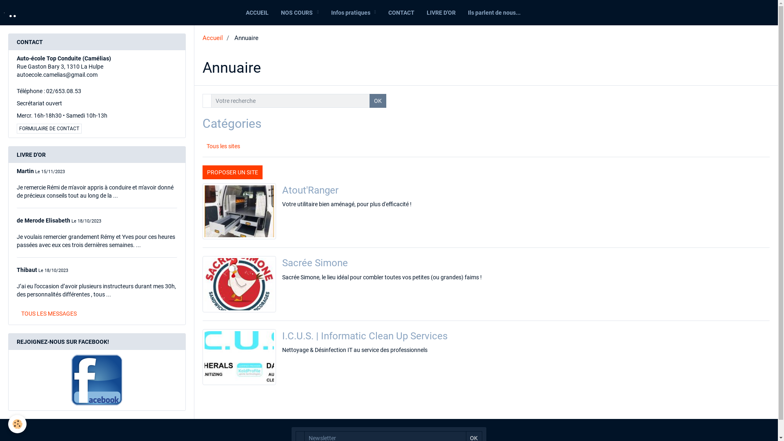  What do you see at coordinates (49, 313) in the screenshot?
I see `'TOUS LES MESSAGES'` at bounding box center [49, 313].